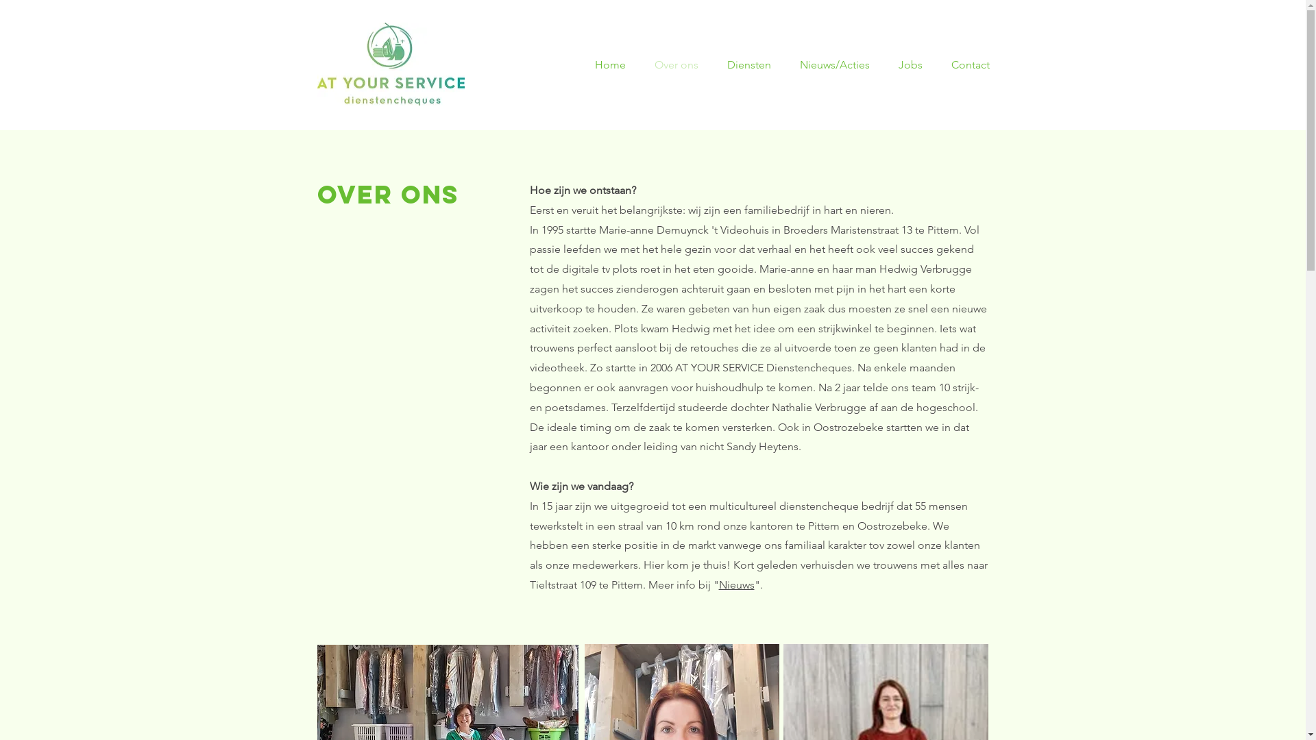  Describe the element at coordinates (644, 65) in the screenshot. I see `'Over ons'` at that location.